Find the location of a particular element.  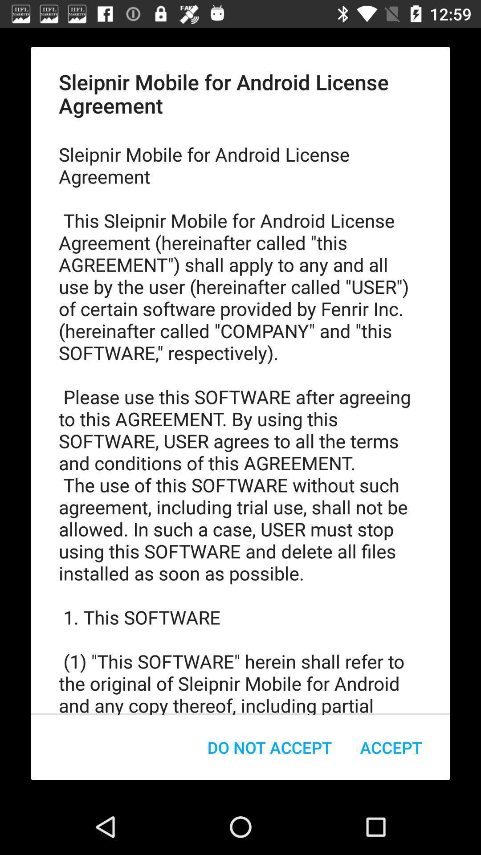

icon below the sleipnir mobile for is located at coordinates (269, 747).